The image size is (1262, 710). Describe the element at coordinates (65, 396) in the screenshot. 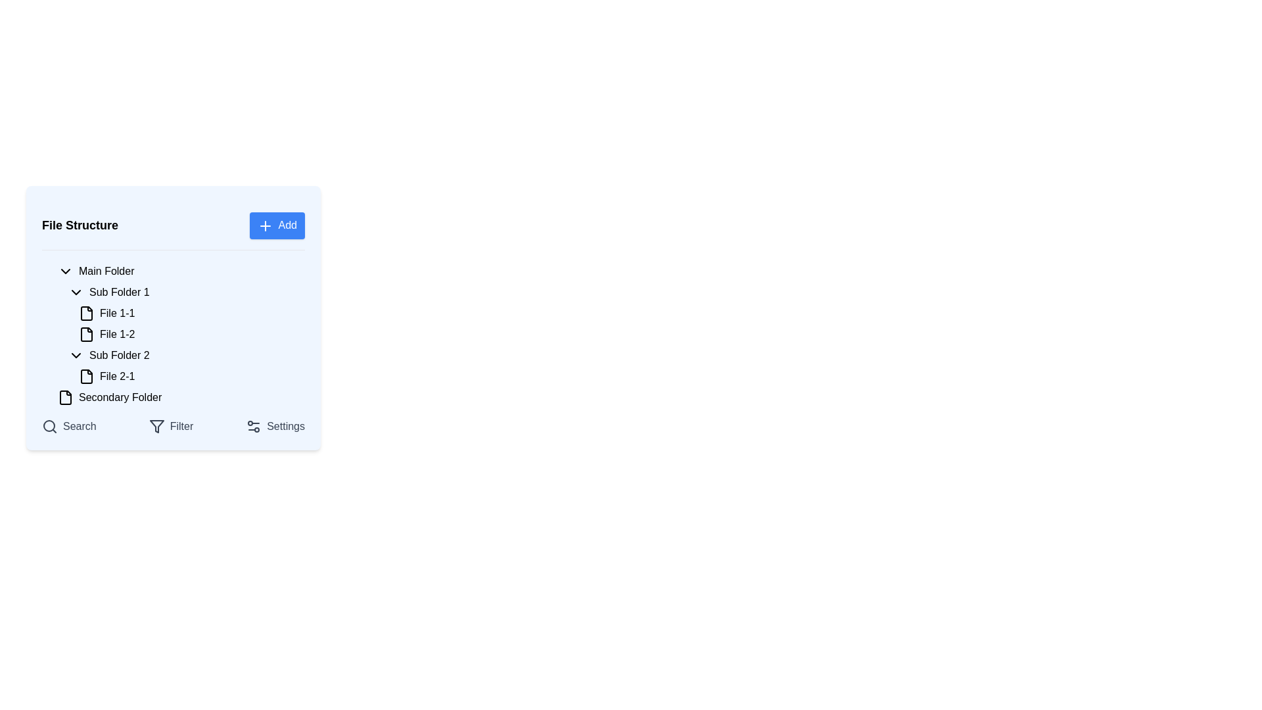

I see `the file icon representing the 'Secondary Folder' in the 'File Structure' section, located directly to the left of its label` at that location.